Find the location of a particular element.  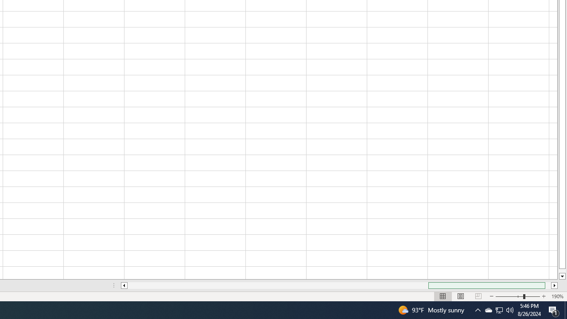

'Zoom In' is located at coordinates (543, 296).